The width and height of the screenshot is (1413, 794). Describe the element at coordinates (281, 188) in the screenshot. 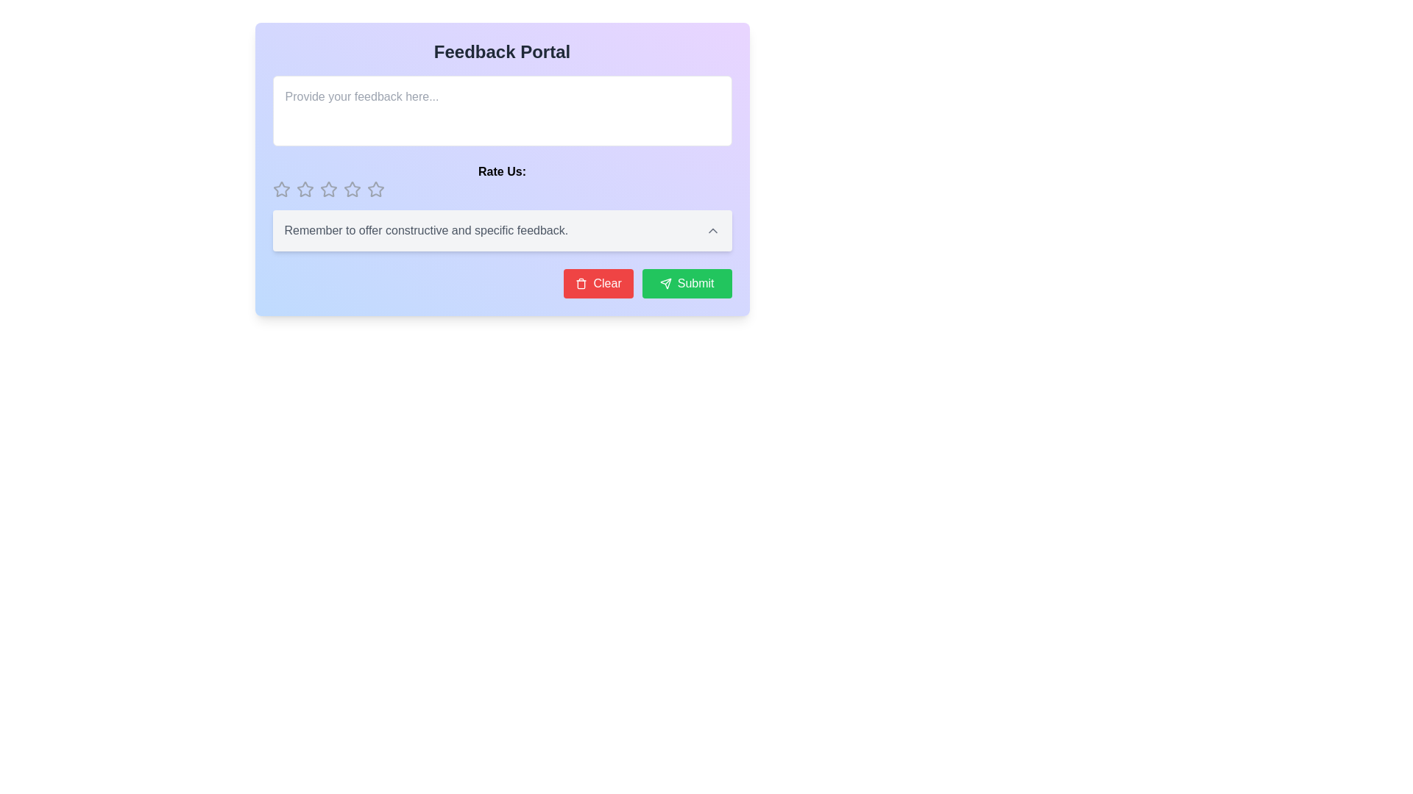

I see `the first star-shaped rating icon with a hollow interior and gray outline, located below the 'Rate Us:' label` at that location.